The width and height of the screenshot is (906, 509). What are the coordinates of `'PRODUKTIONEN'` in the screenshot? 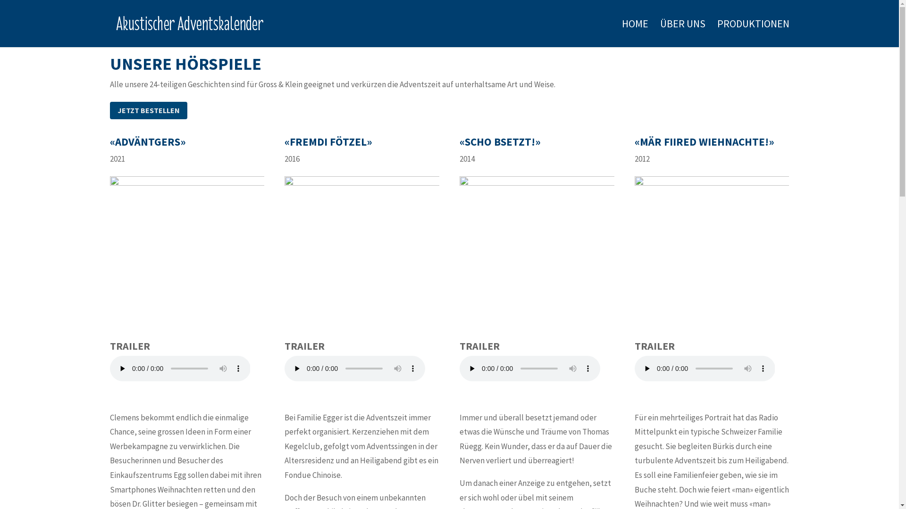 It's located at (717, 33).